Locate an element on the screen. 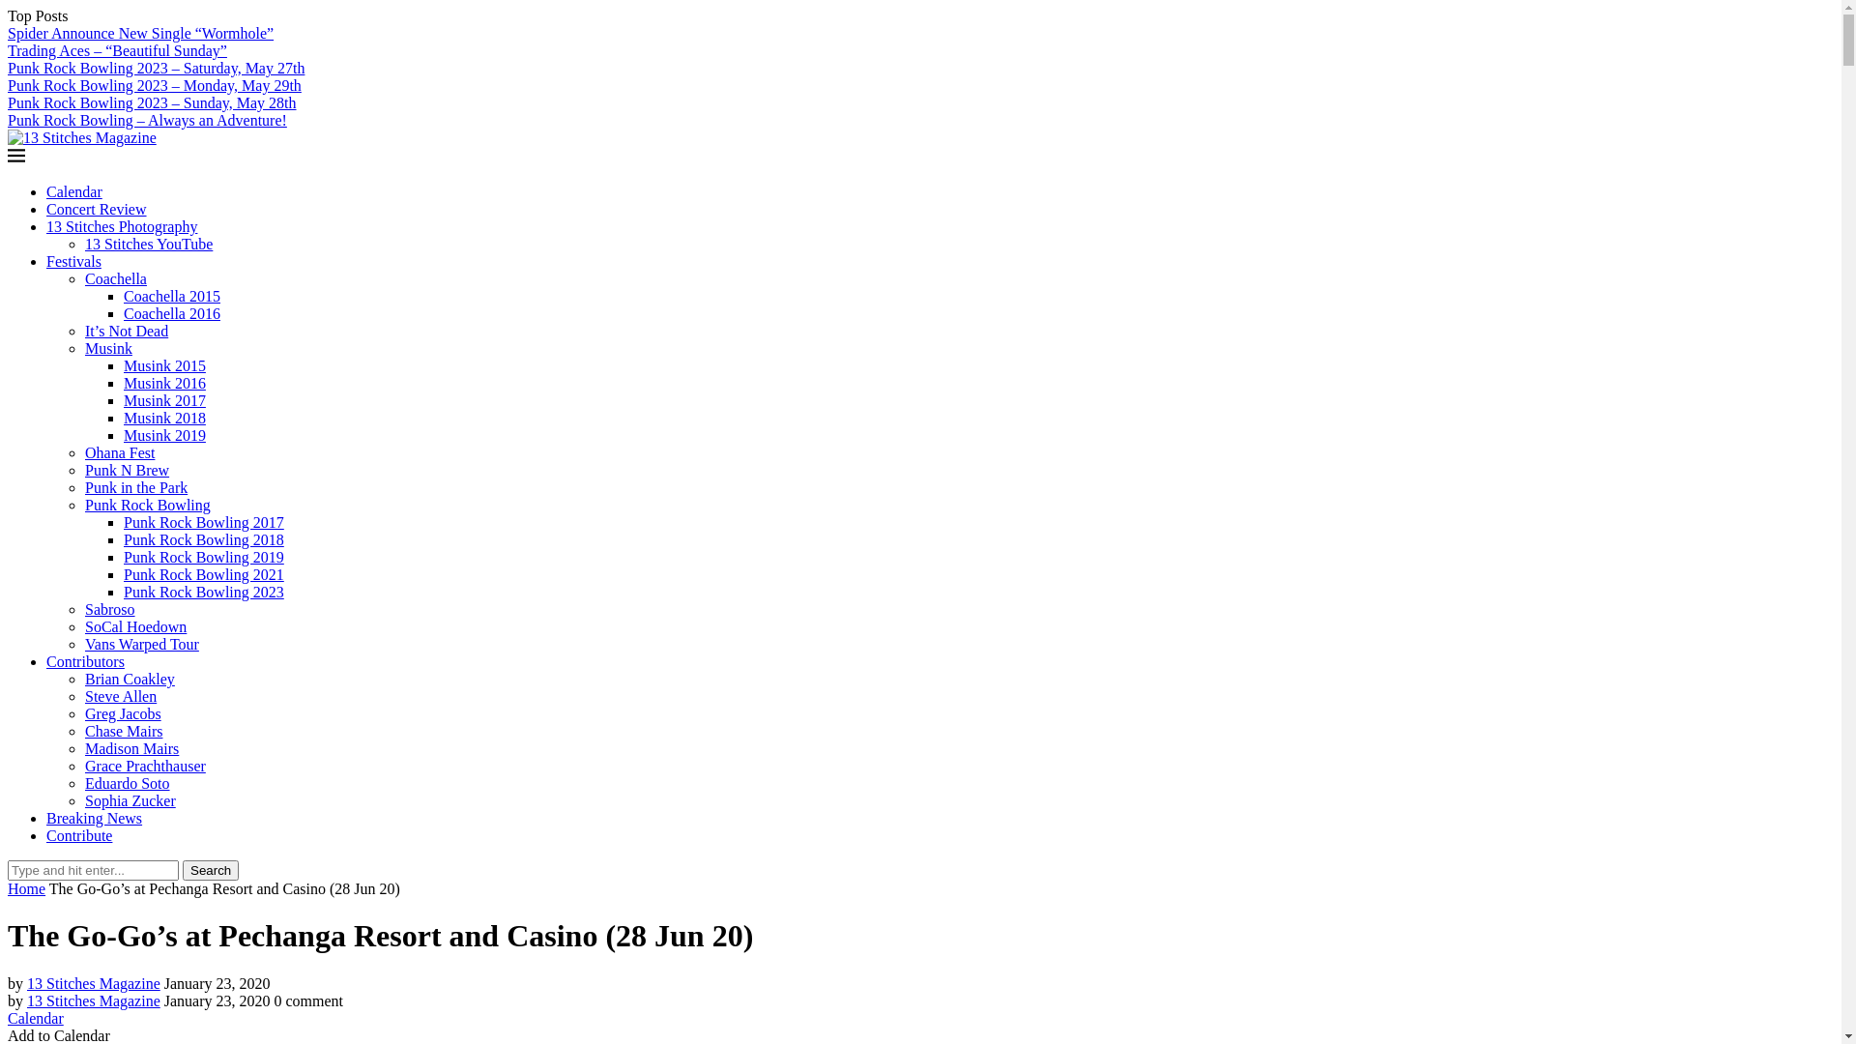 The width and height of the screenshot is (1856, 1044). 'Contribute' is located at coordinates (77, 834).